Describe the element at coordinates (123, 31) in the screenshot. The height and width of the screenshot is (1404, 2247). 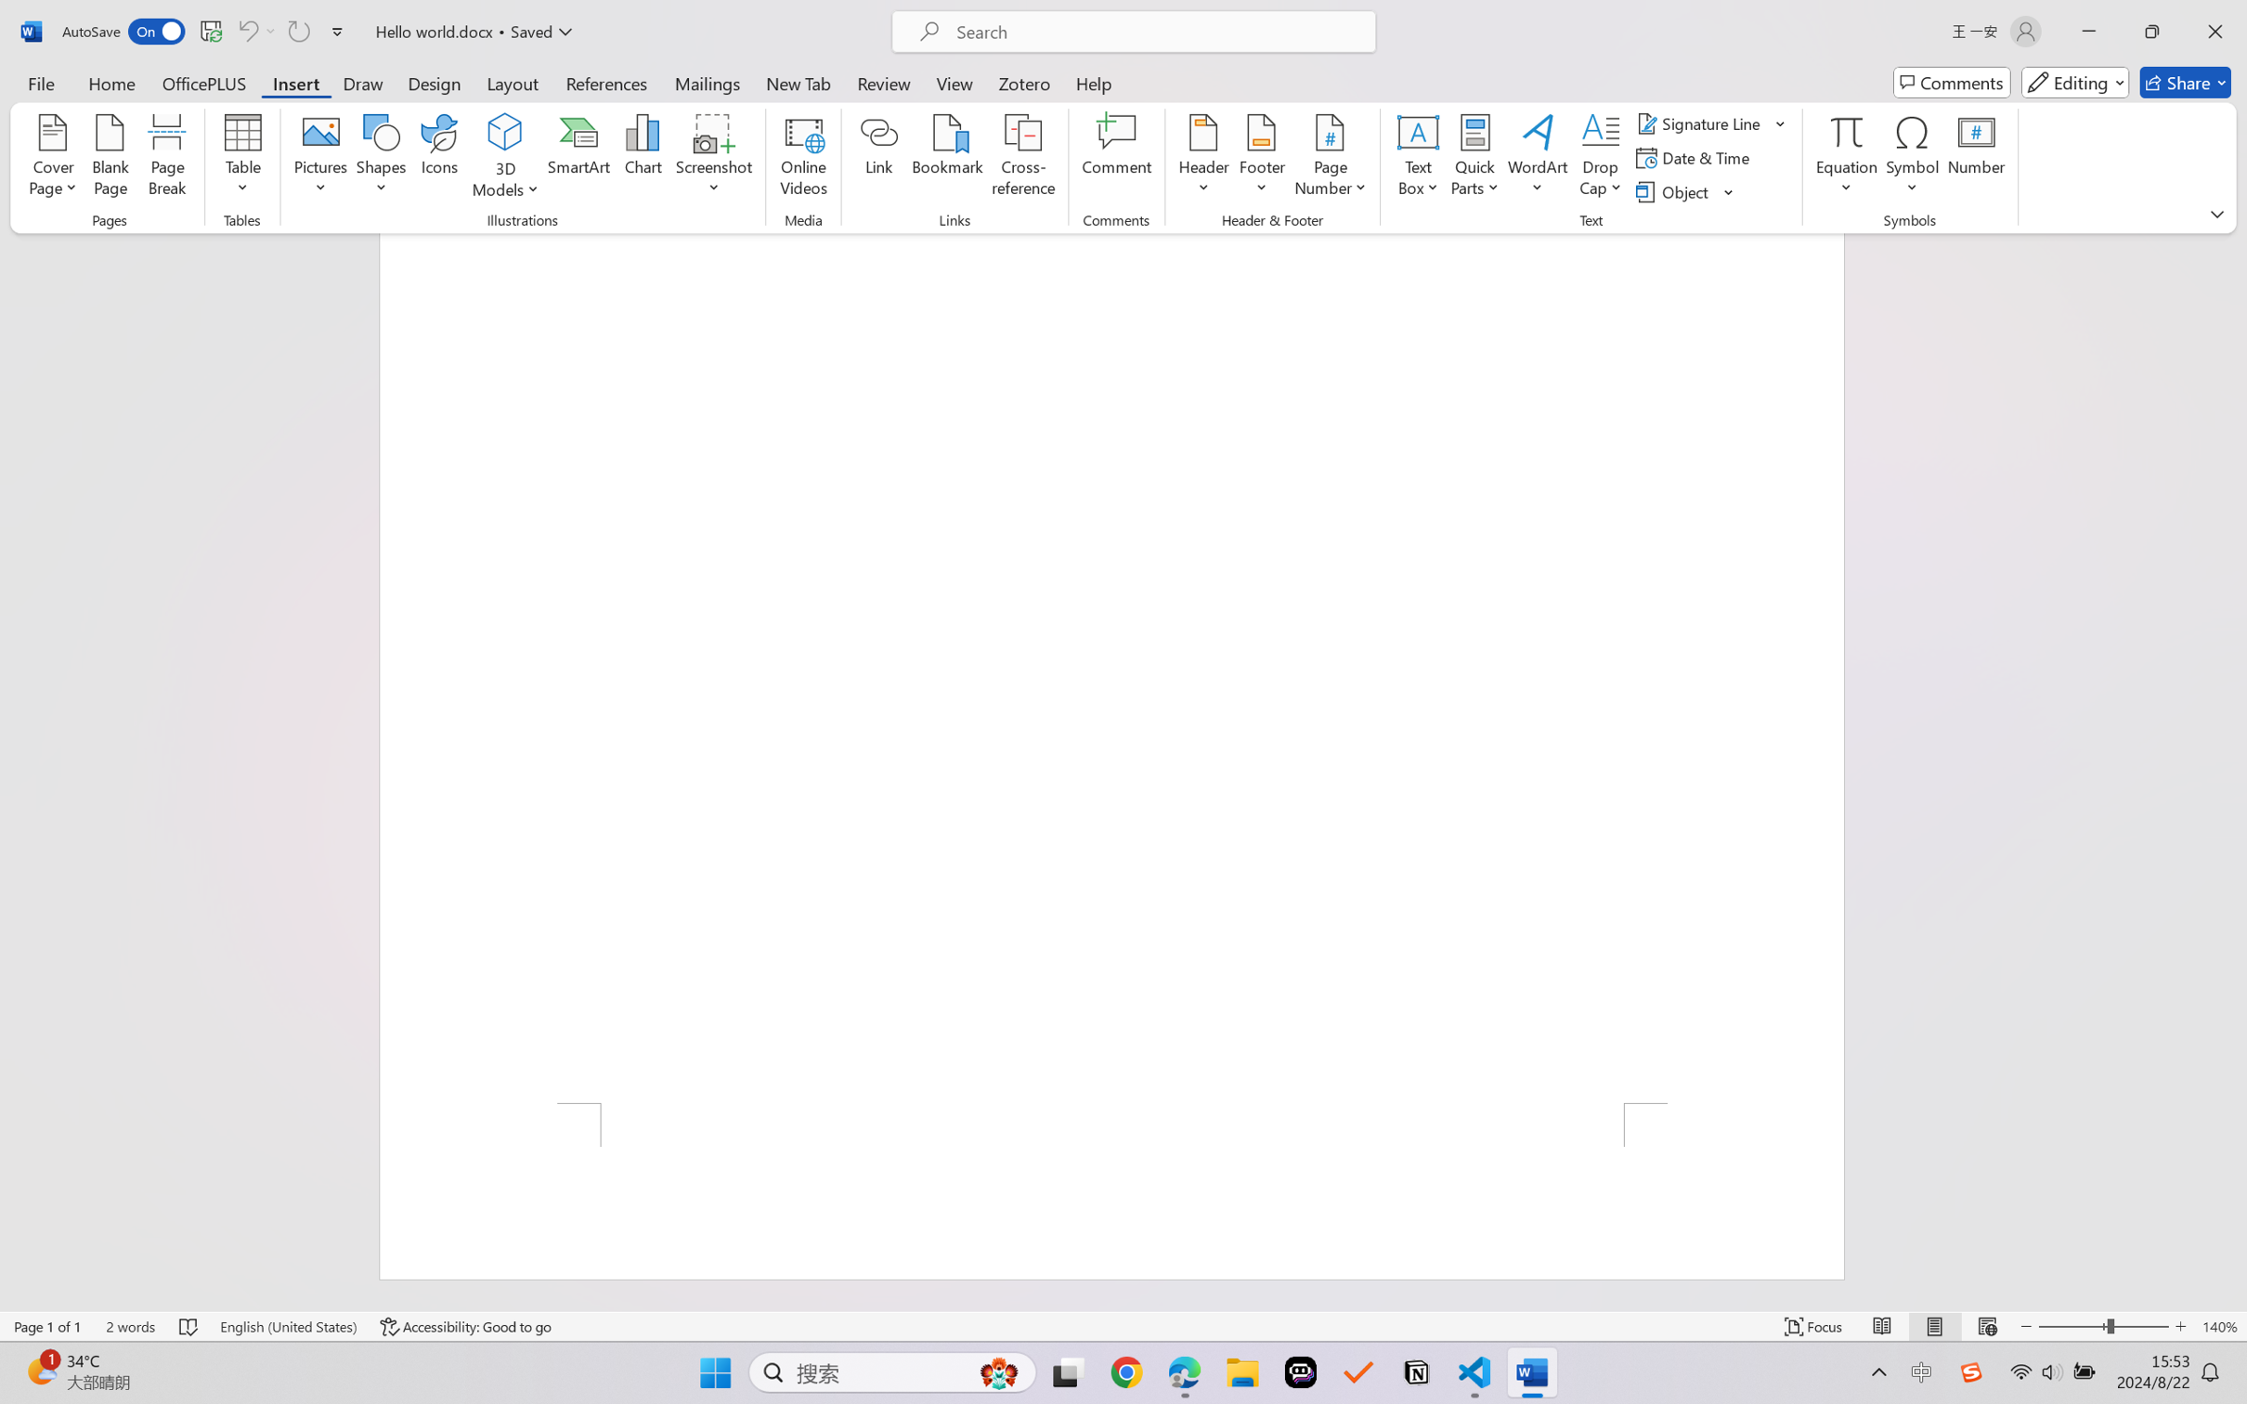
I see `'AutoSave'` at that location.